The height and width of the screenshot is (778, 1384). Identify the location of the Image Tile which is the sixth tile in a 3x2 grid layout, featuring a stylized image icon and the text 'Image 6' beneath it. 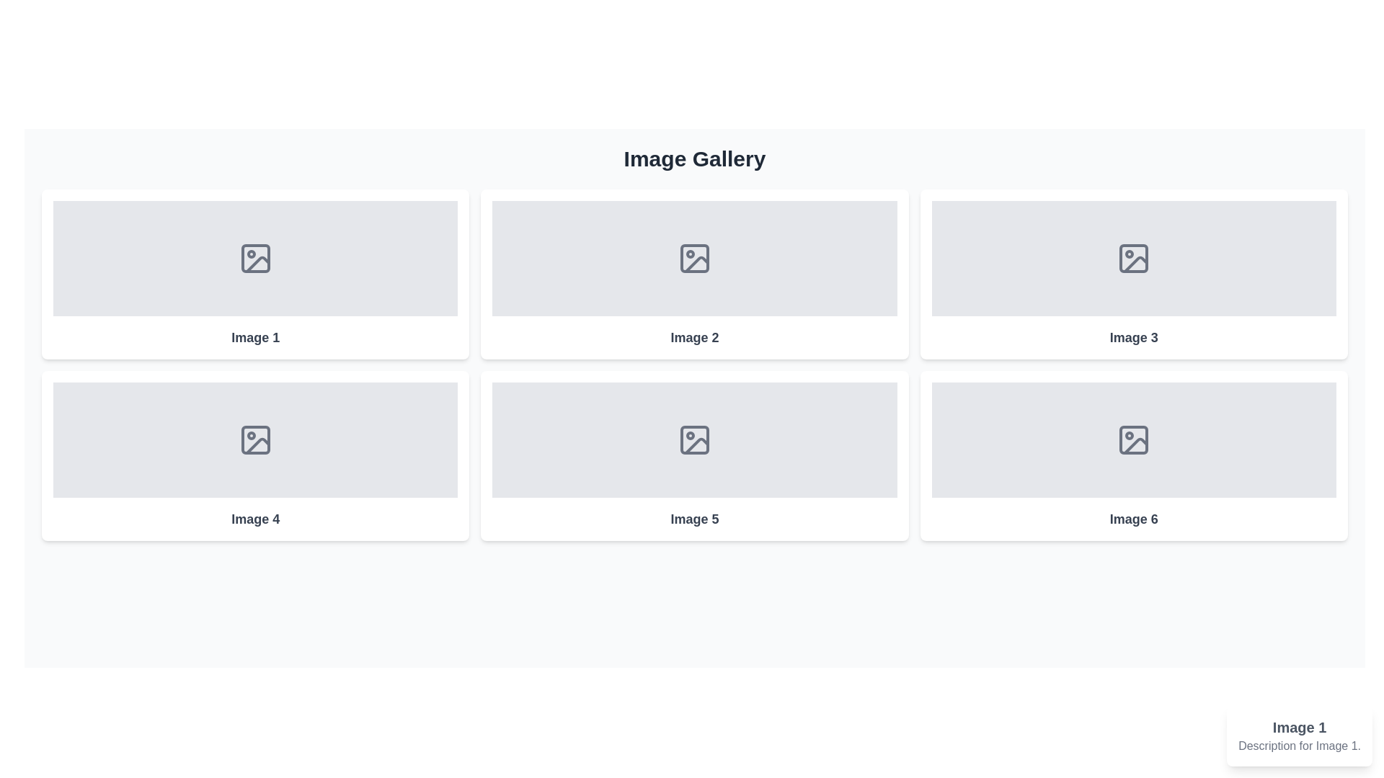
(1133, 455).